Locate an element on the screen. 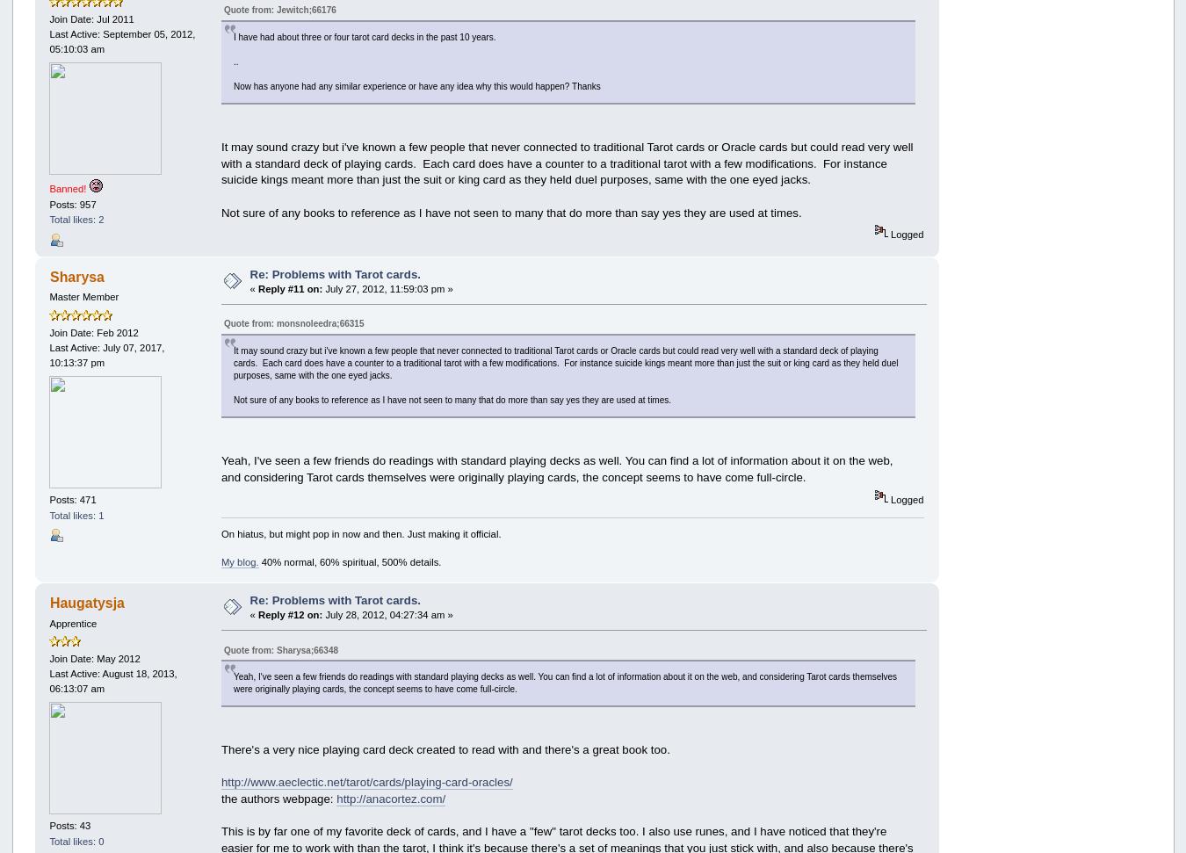  'Quote from: Jewitch;66176' is located at coordinates (278, 10).